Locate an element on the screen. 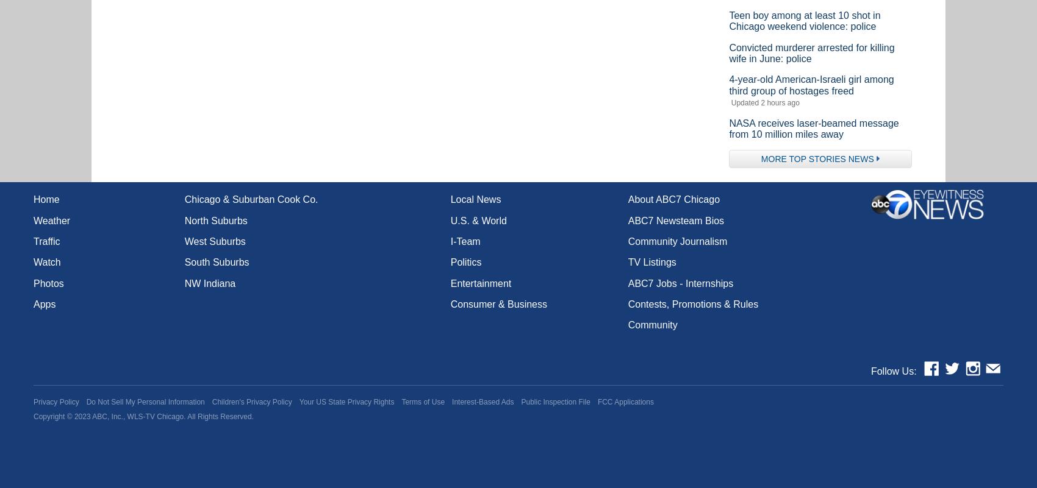  'Copyright ©' is located at coordinates (54, 416).